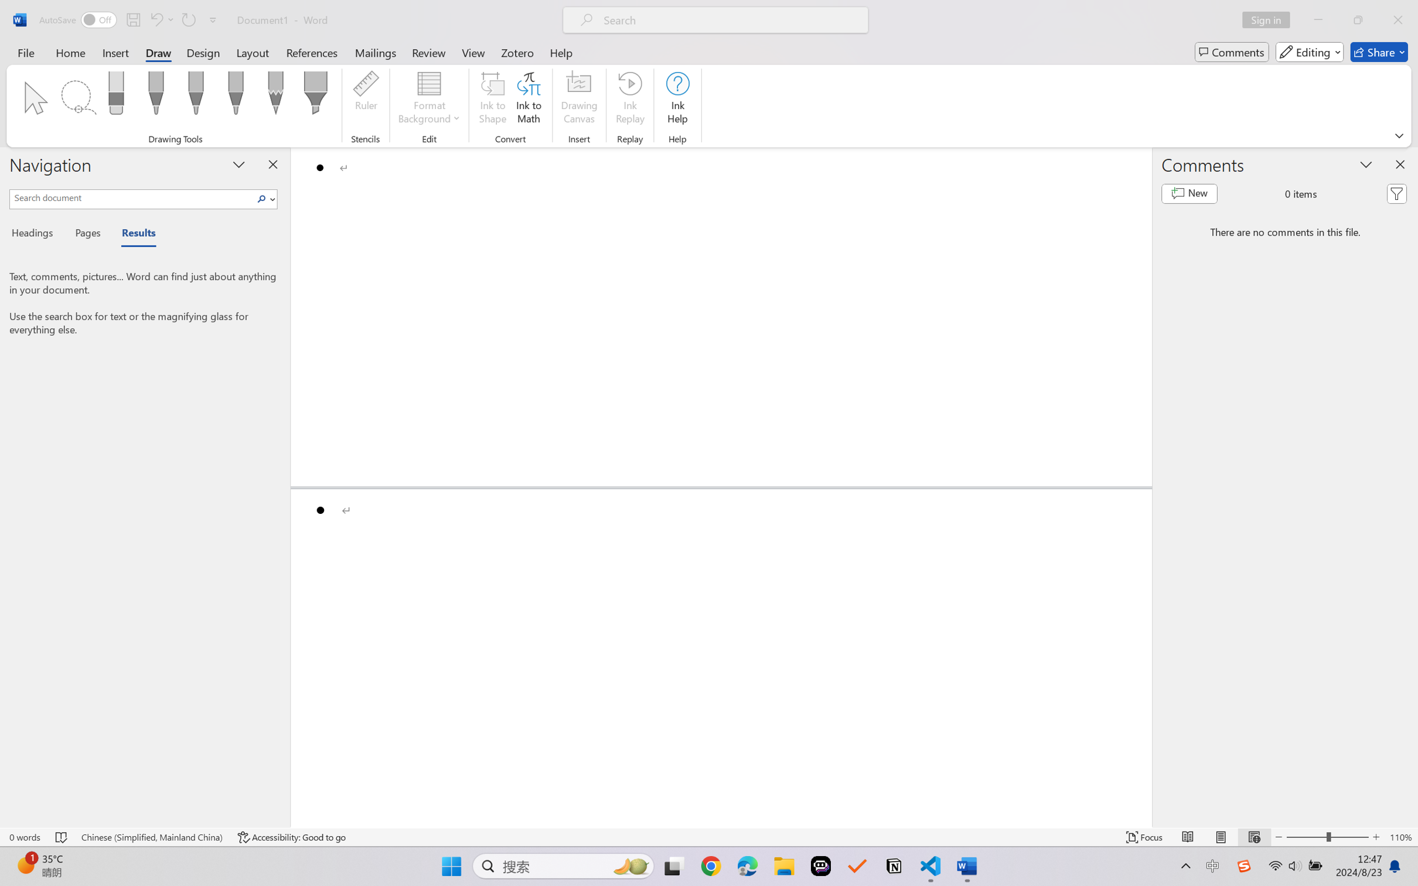 Image resolution: width=1418 pixels, height=886 pixels. I want to click on 'New comment', so click(1189, 194).